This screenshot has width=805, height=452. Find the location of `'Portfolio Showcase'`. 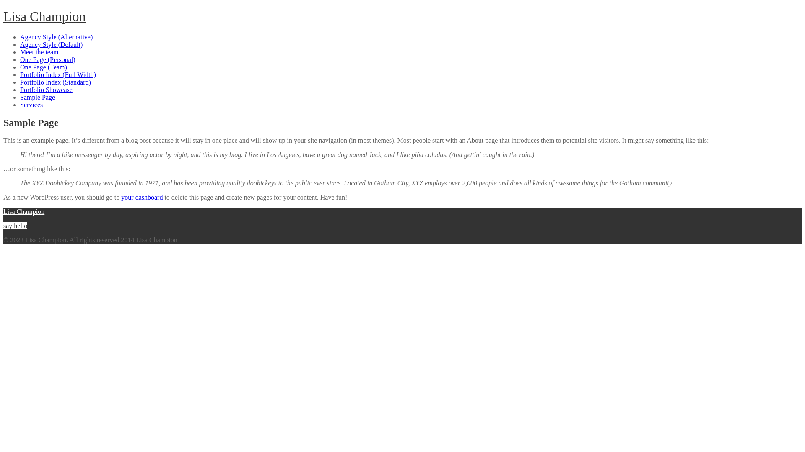

'Portfolio Showcase' is located at coordinates (20, 90).